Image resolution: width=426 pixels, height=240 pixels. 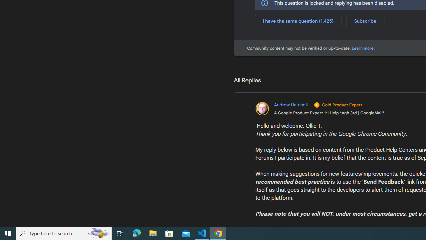 I want to click on 'Subscribe', so click(x=365, y=20).